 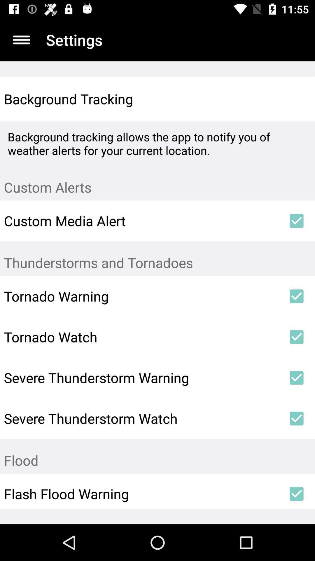 I want to click on item below flood icon, so click(x=297, y=494).